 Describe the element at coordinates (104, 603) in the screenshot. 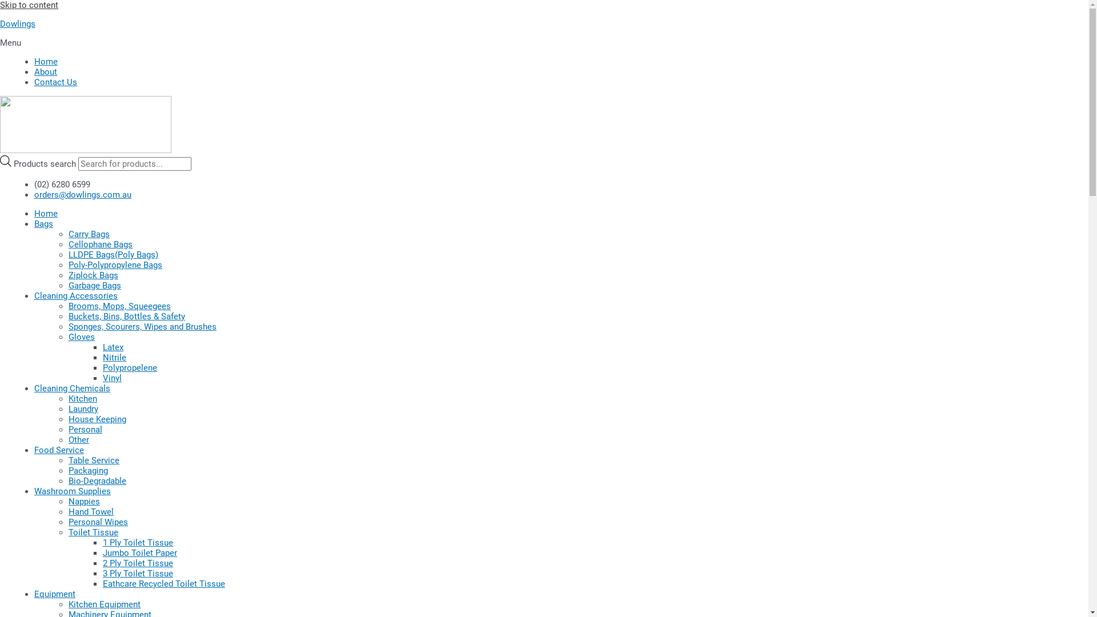

I see `'Kitchen Equipment'` at that location.